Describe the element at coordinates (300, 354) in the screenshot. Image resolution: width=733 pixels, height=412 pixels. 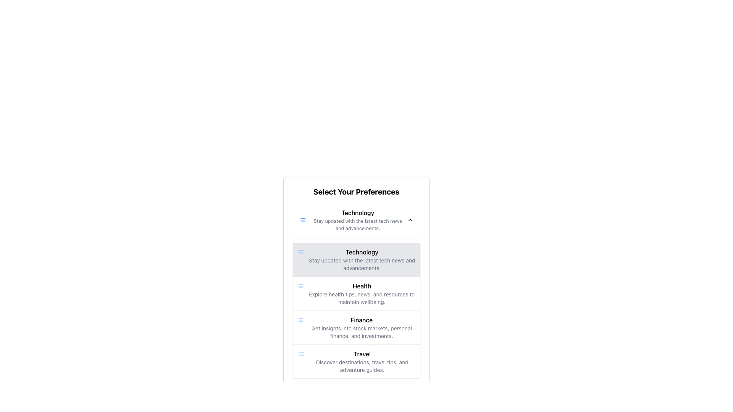
I see `the light blue list icon with three horizontal lines, which is located to the left of the text 'Travel Discover destinations, travel tips, and adventure guides.'` at that location.